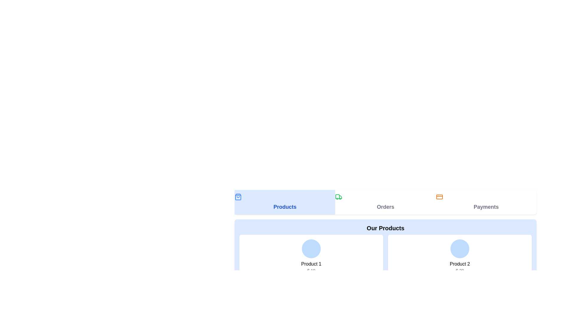  Describe the element at coordinates (238, 197) in the screenshot. I see `the blue bag-shaped icon located in the navigation bar at the top left, which is part of the 'Products' tab` at that location.